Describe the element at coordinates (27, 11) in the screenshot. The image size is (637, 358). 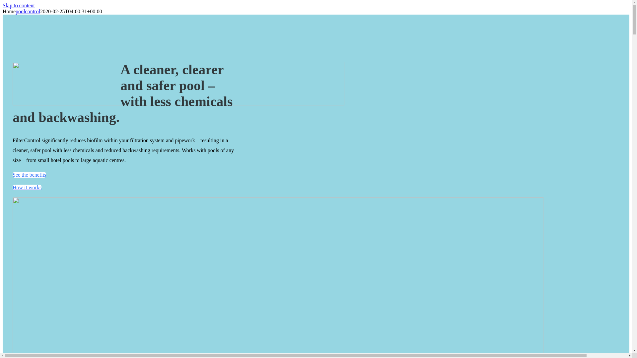
I see `'poolcontrol'` at that location.